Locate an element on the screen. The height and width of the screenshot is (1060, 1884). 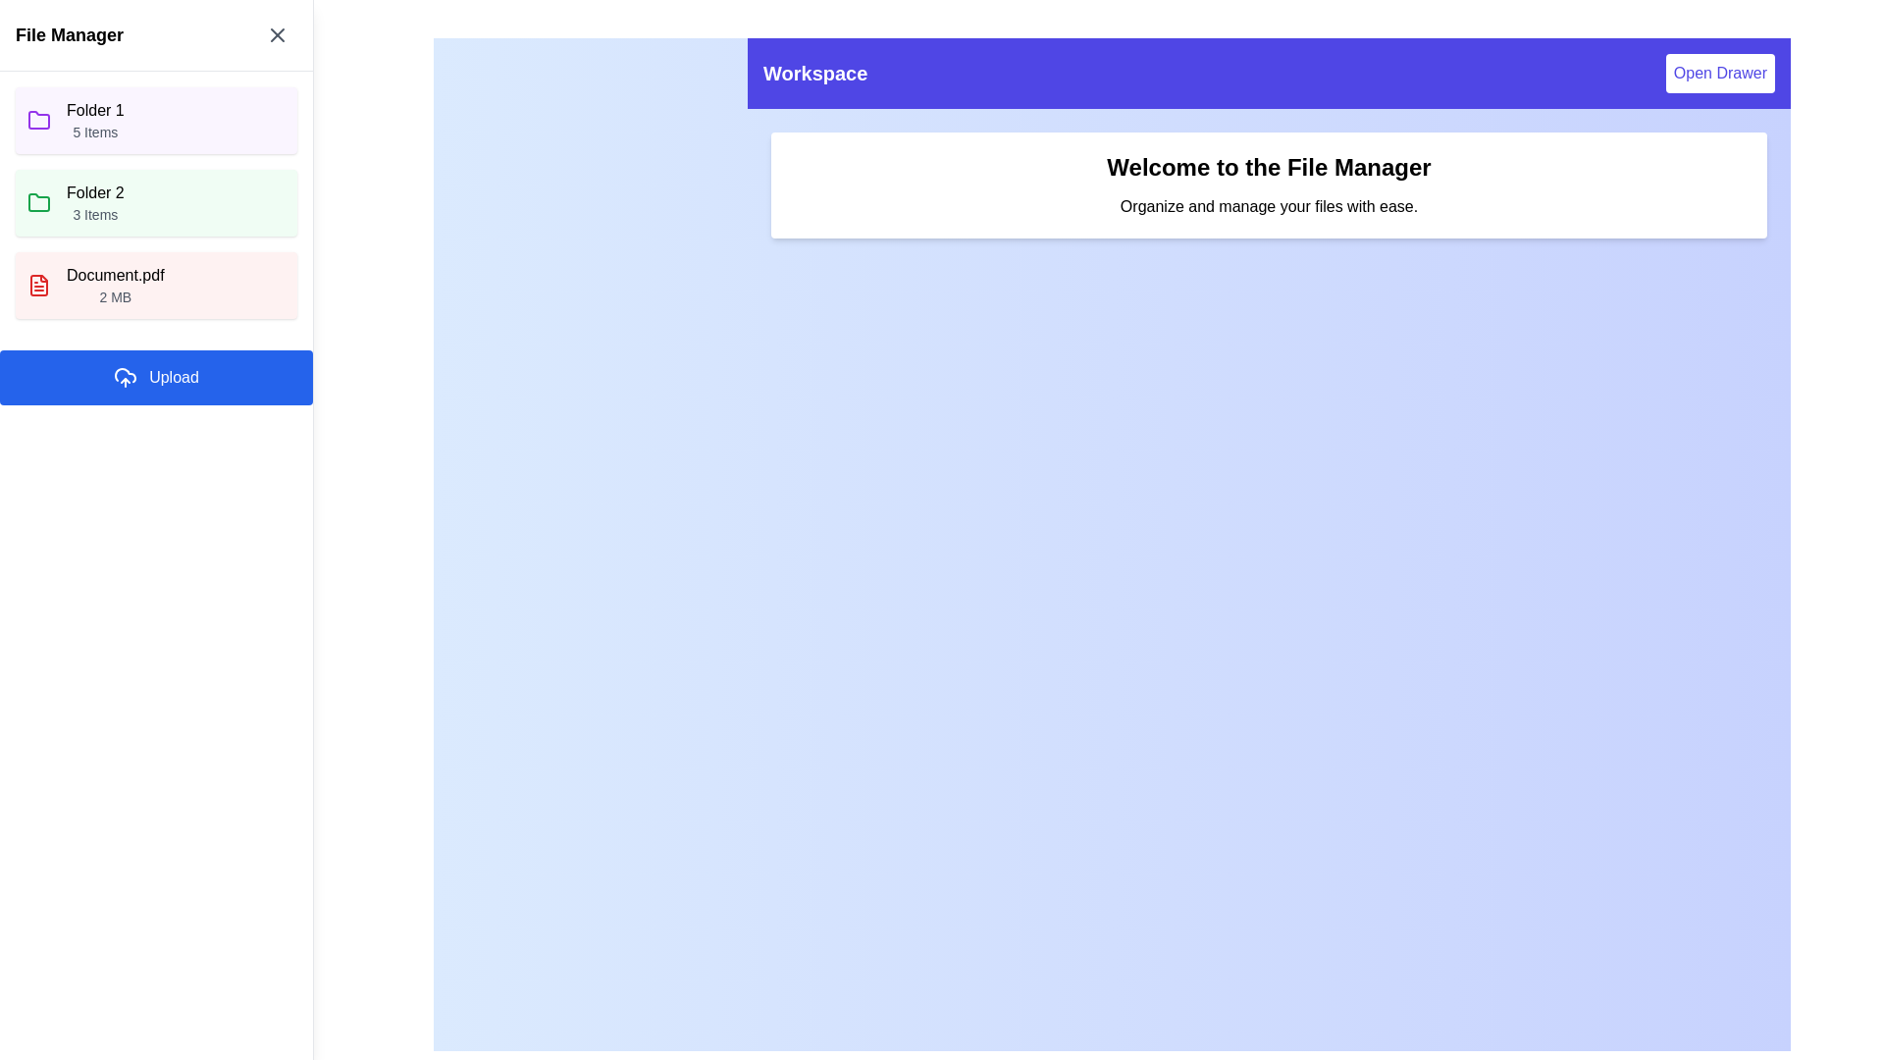
the close icon located at the top-right corner of the File Manager panel is located at coordinates (277, 34).